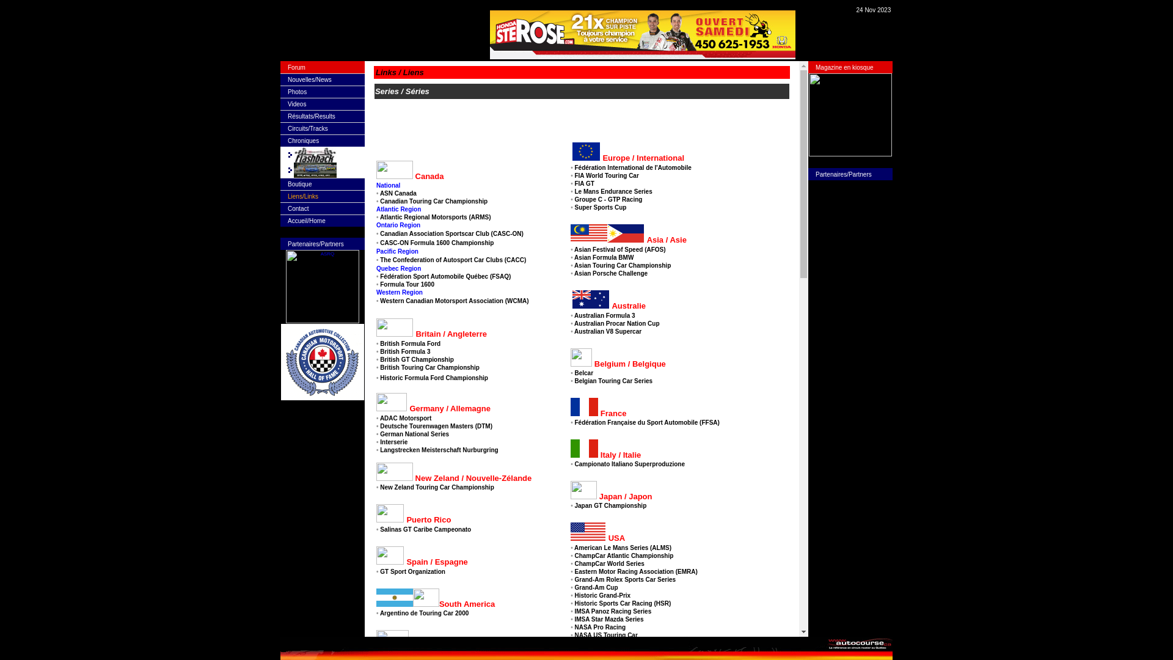 Image resolution: width=1173 pixels, height=660 pixels. What do you see at coordinates (287, 184) in the screenshot?
I see `'Boutique'` at bounding box center [287, 184].